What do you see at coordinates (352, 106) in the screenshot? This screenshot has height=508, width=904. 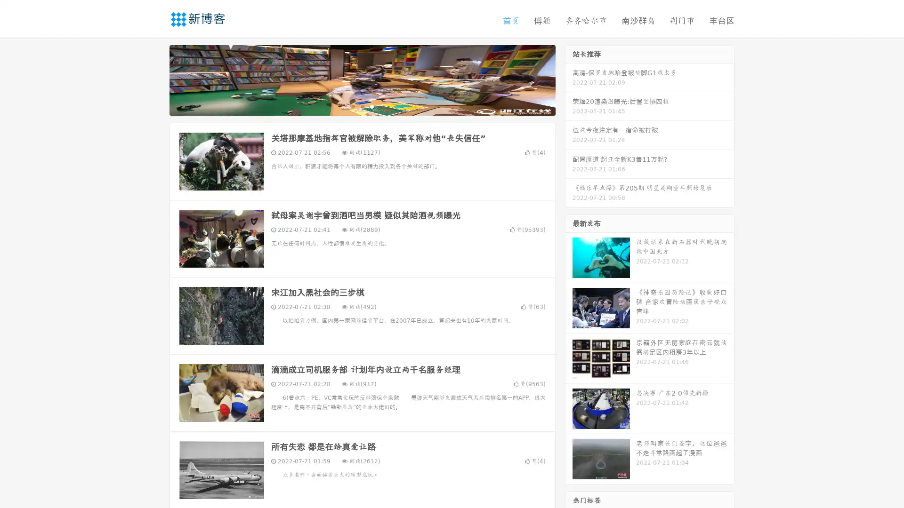 I see `Go to slide 1` at bounding box center [352, 106].